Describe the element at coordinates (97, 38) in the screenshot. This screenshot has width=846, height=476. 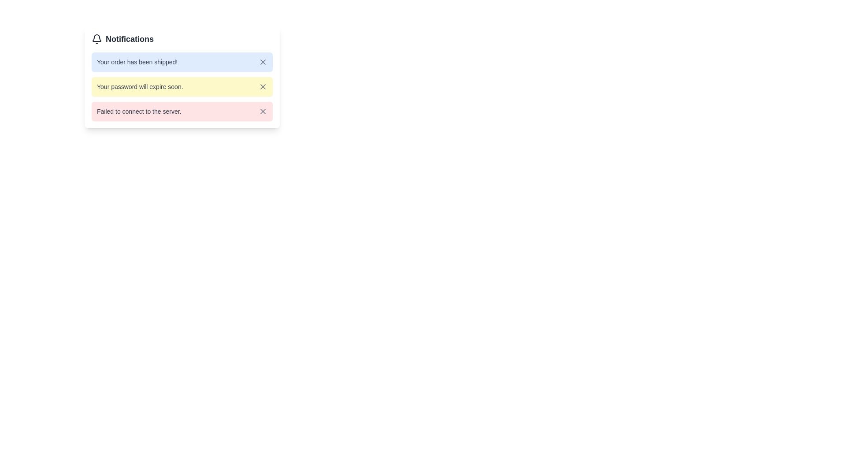
I see `the bell icon which represents notifications, located to the left of the 'Notifications' label` at that location.